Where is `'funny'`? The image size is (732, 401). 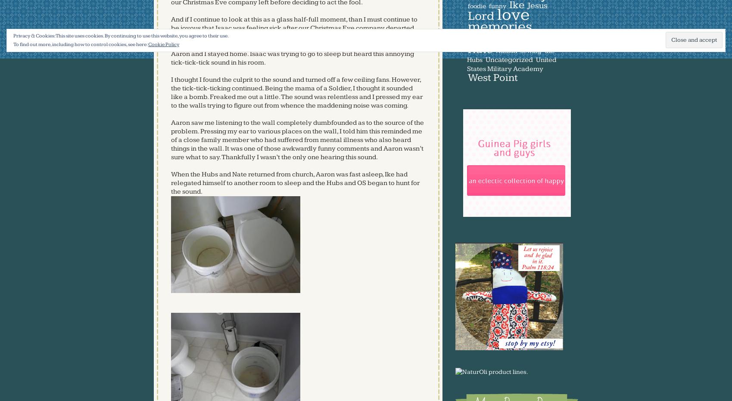
'funny' is located at coordinates (497, 6).